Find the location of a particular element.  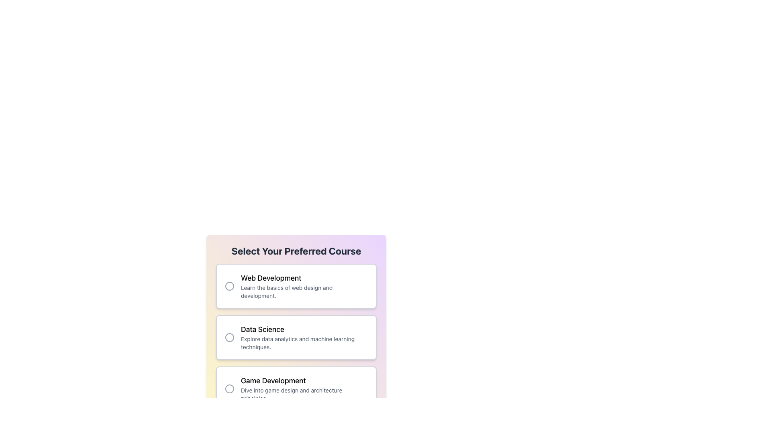

the 'Game Development' text label element, which is styled as a prominent heading above descriptive text in a selectable list of options is located at coordinates (304, 380).